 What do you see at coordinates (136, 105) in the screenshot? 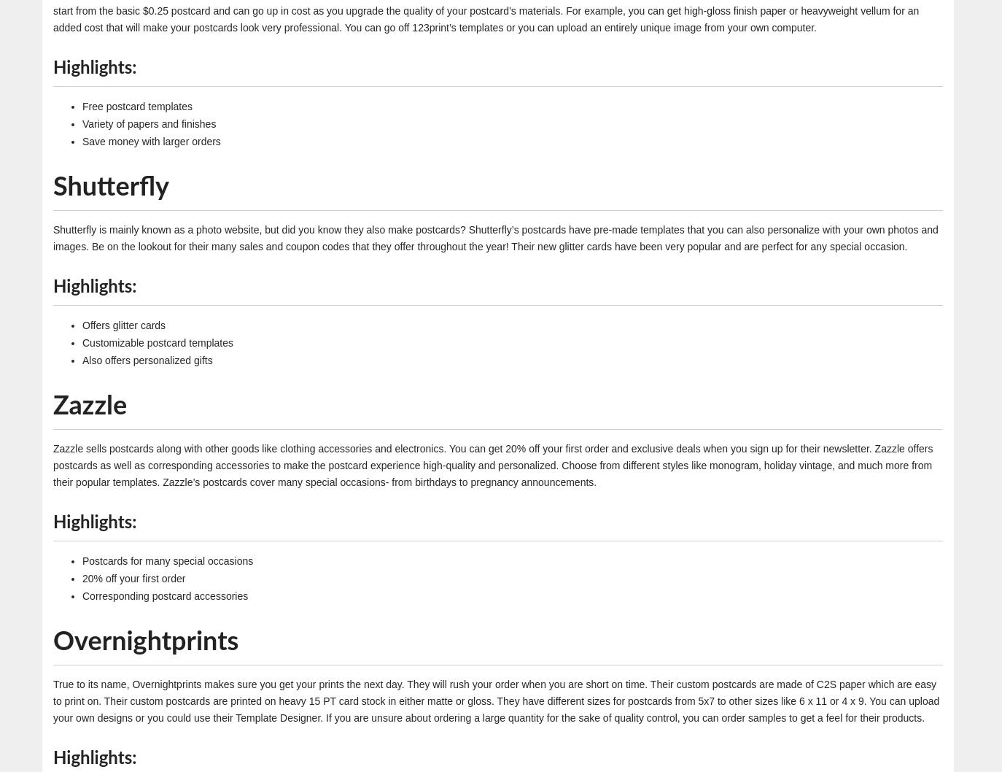
I see `'Free postcard templates'` at bounding box center [136, 105].